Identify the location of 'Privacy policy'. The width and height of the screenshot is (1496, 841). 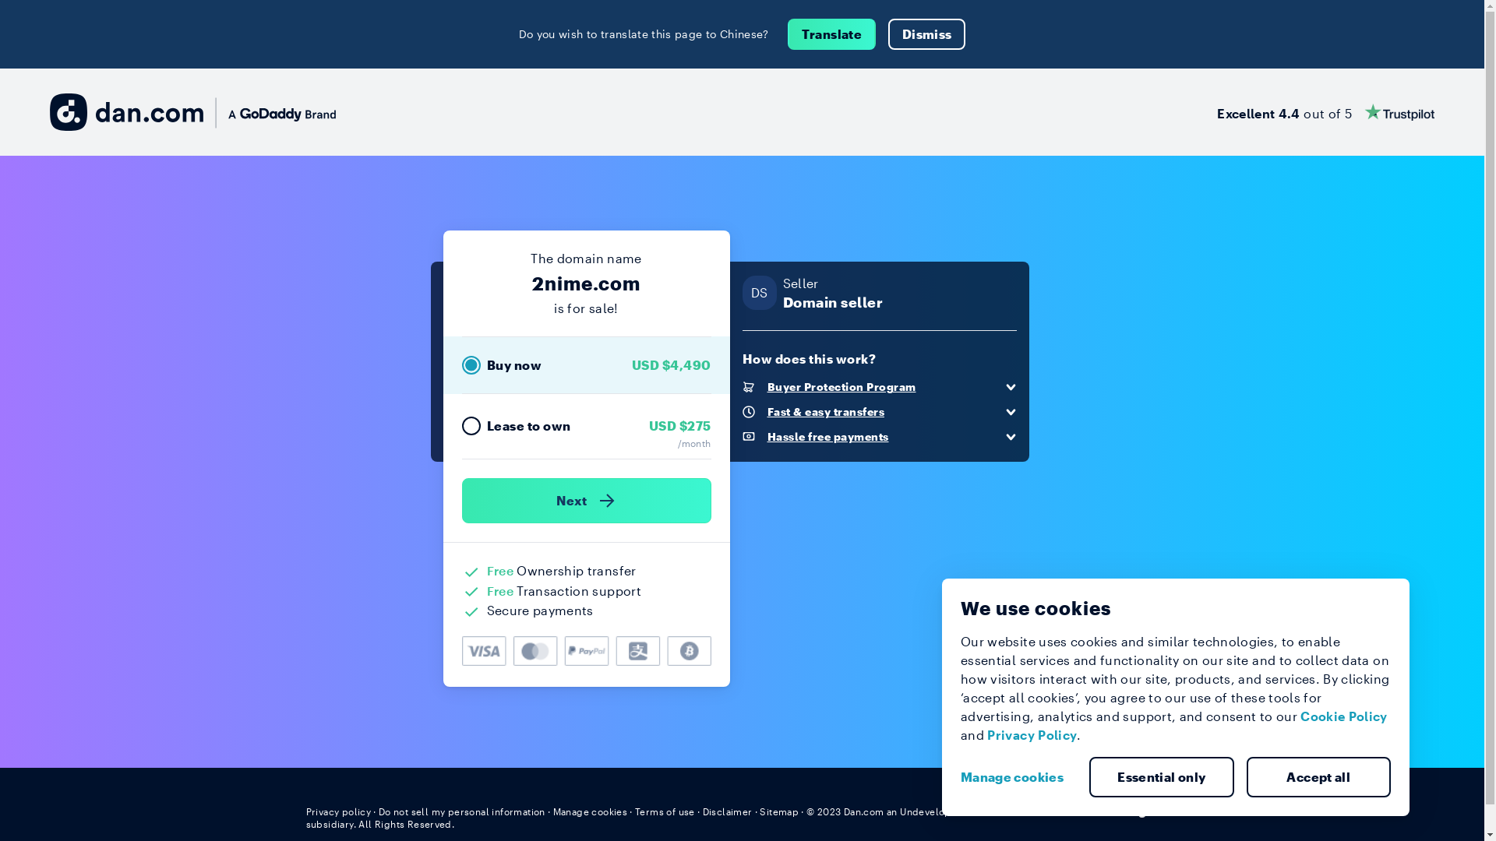
(337, 810).